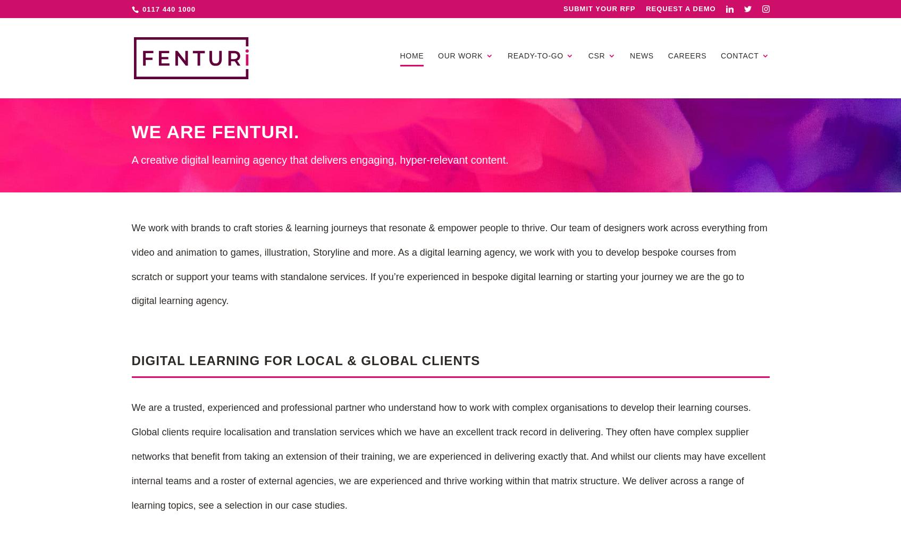 Image resolution: width=901 pixels, height=548 pixels. What do you see at coordinates (459, 55) in the screenshot?
I see `'Our Work'` at bounding box center [459, 55].